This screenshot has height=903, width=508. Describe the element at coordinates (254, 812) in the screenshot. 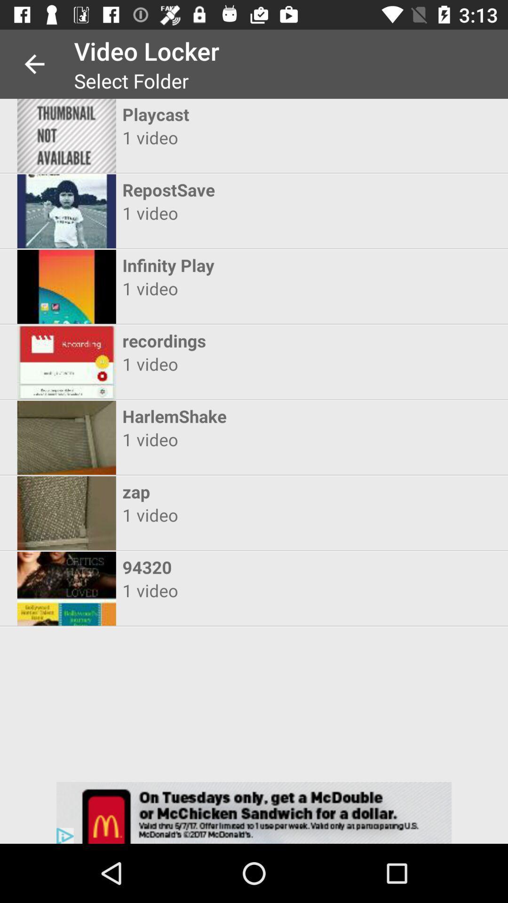

I see `go down` at that location.